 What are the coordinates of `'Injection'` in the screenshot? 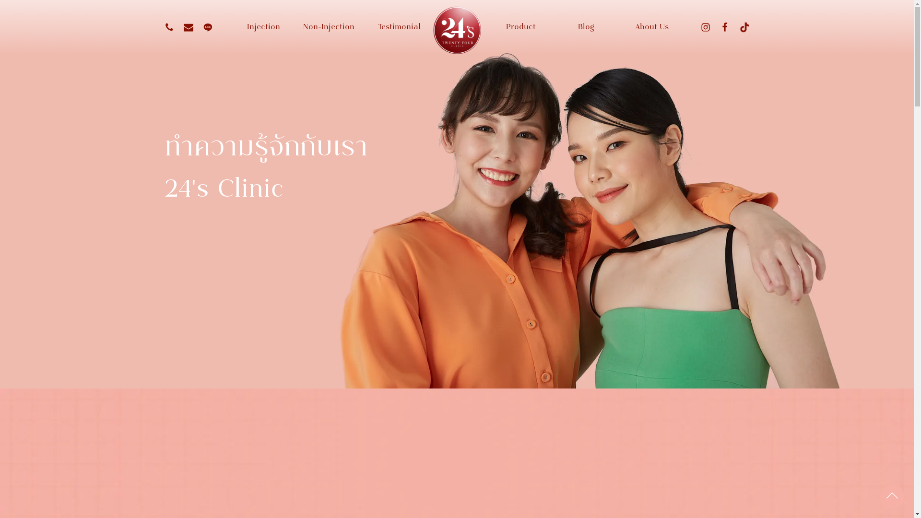 It's located at (246, 27).